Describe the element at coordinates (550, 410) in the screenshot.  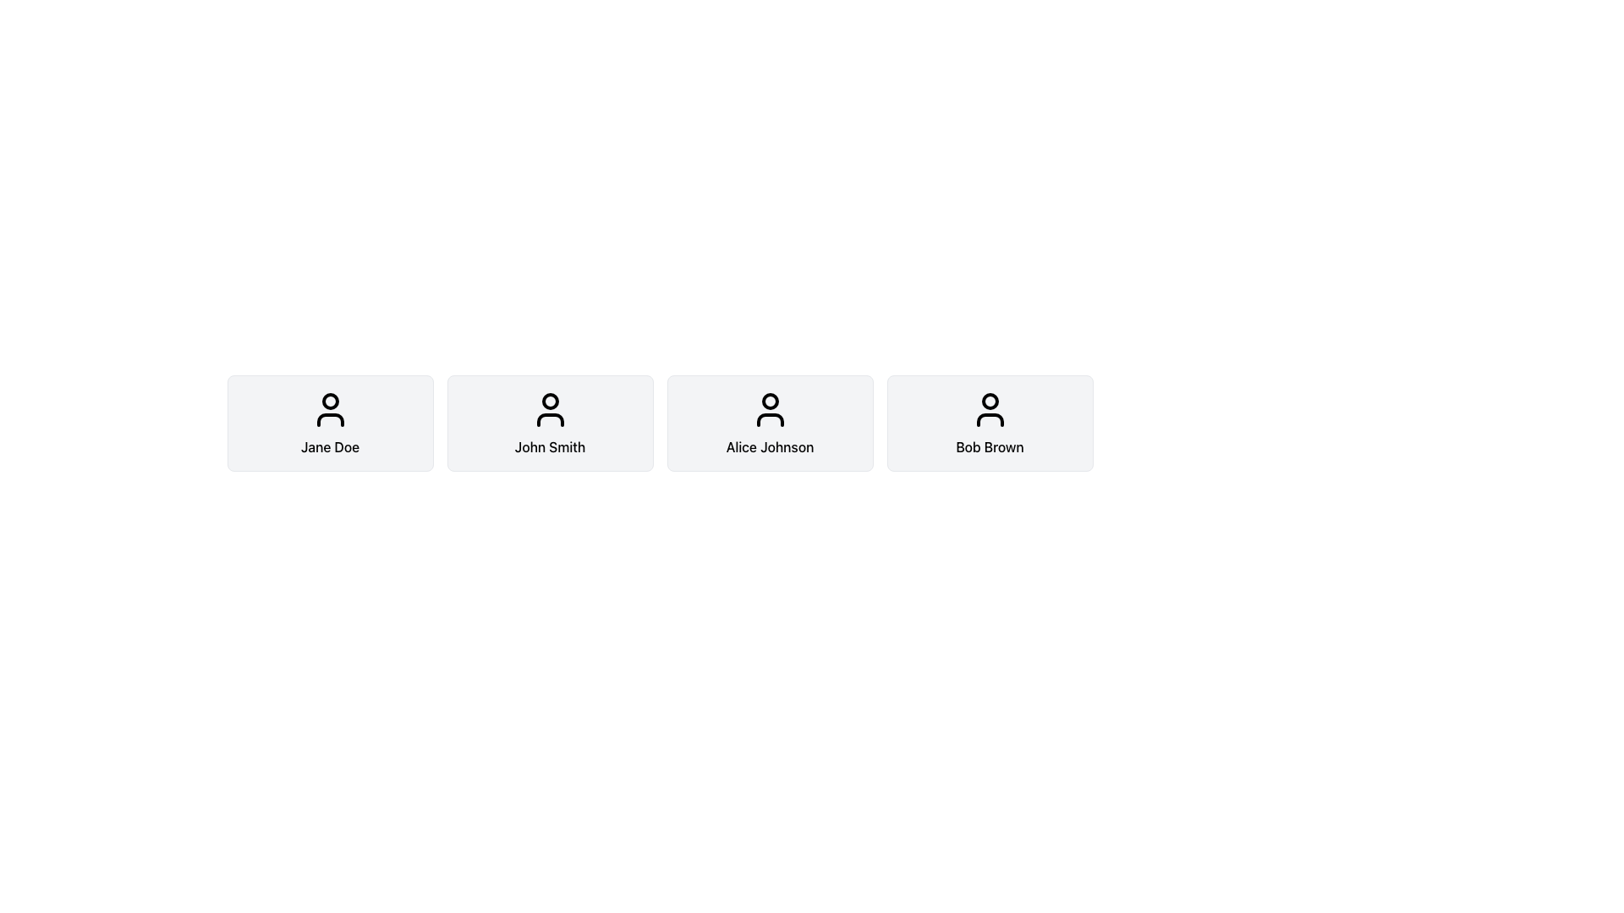
I see `the user profile icon located at the top center of the profile card labeled 'John Smith'` at that location.